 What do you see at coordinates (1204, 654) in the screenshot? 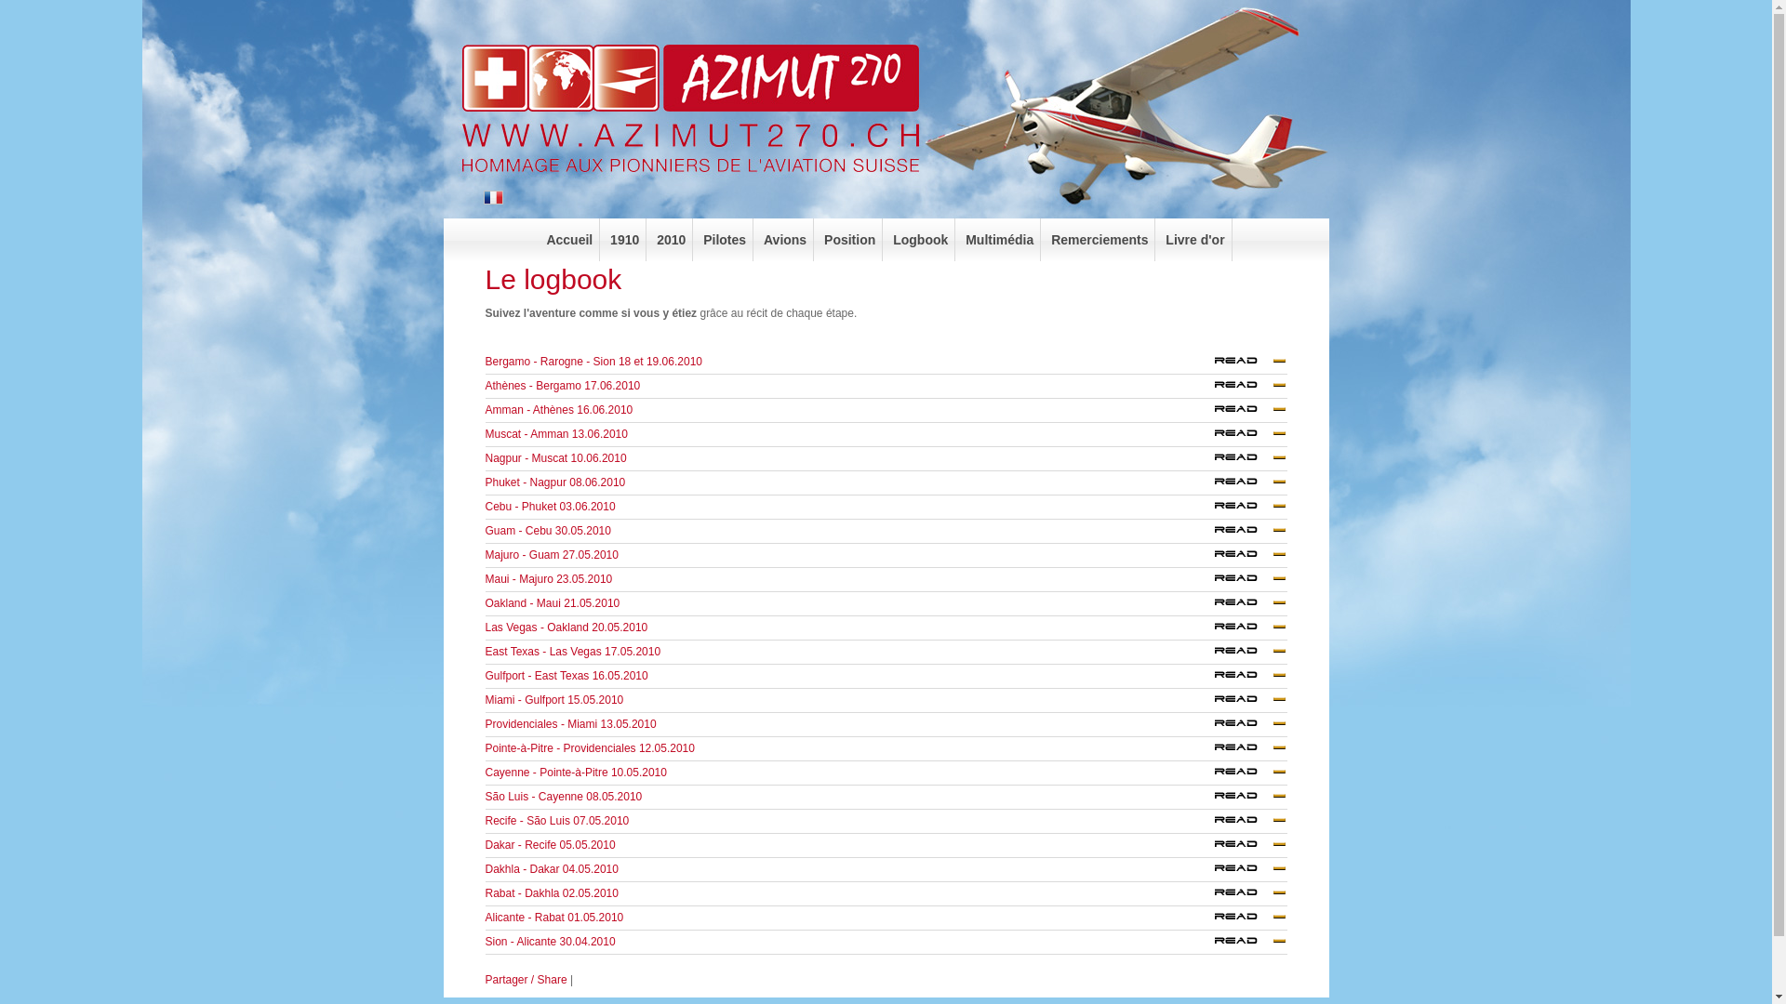
I see `'East Texas - Las Vegas 17.05.2010'` at bounding box center [1204, 654].